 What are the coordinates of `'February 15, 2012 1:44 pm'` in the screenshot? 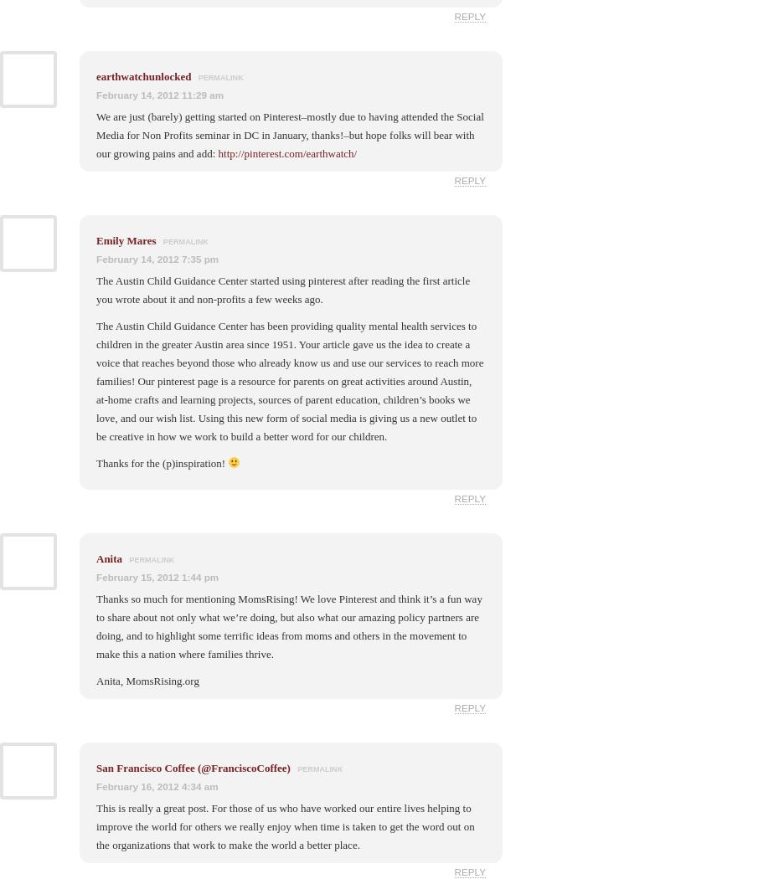 It's located at (157, 576).